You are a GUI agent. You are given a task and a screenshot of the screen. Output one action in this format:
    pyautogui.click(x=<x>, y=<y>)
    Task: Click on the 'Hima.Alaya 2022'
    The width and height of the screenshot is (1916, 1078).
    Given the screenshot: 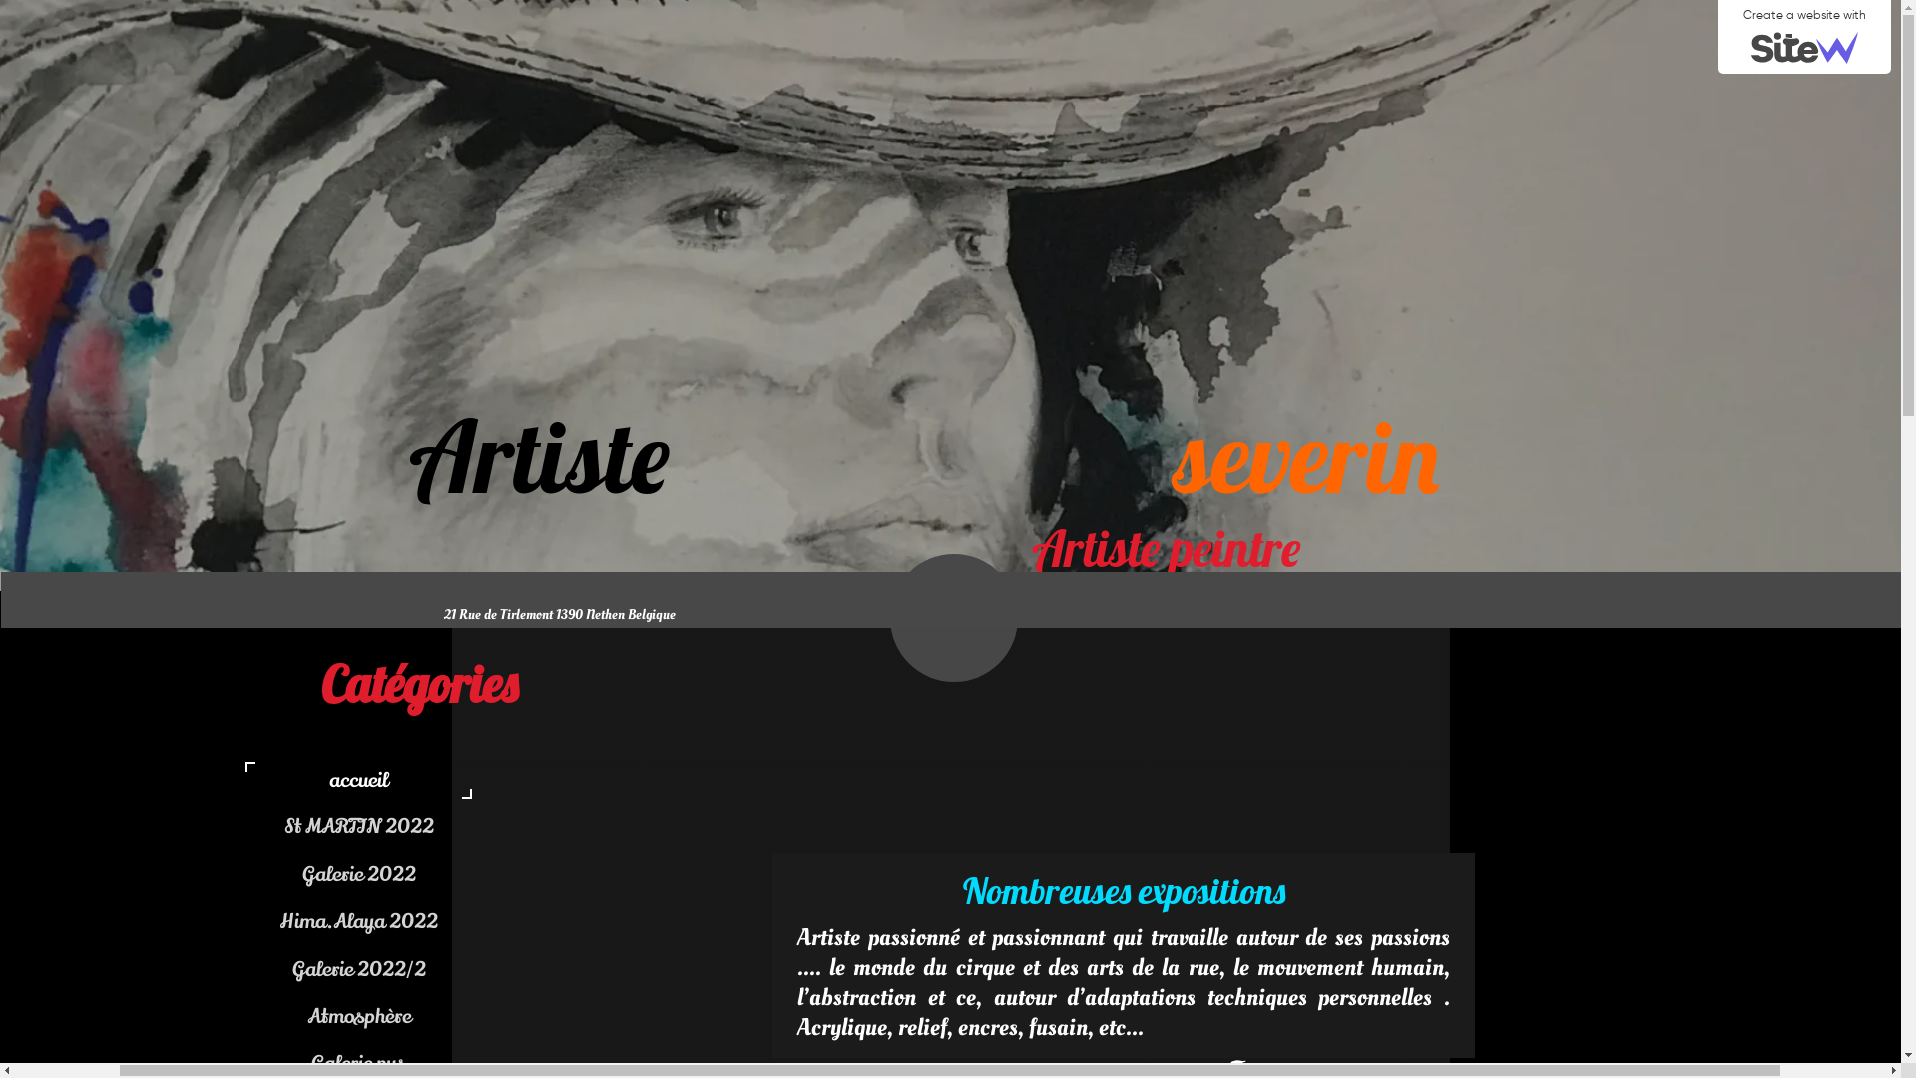 What is the action you would take?
    pyautogui.click(x=477, y=921)
    